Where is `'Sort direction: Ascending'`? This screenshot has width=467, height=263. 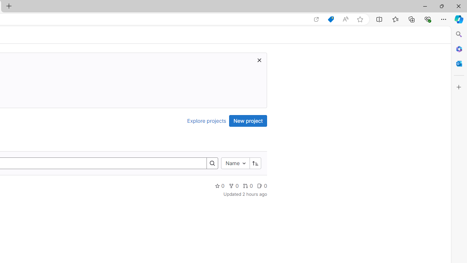
'Sort direction: Ascending' is located at coordinates (255, 163).